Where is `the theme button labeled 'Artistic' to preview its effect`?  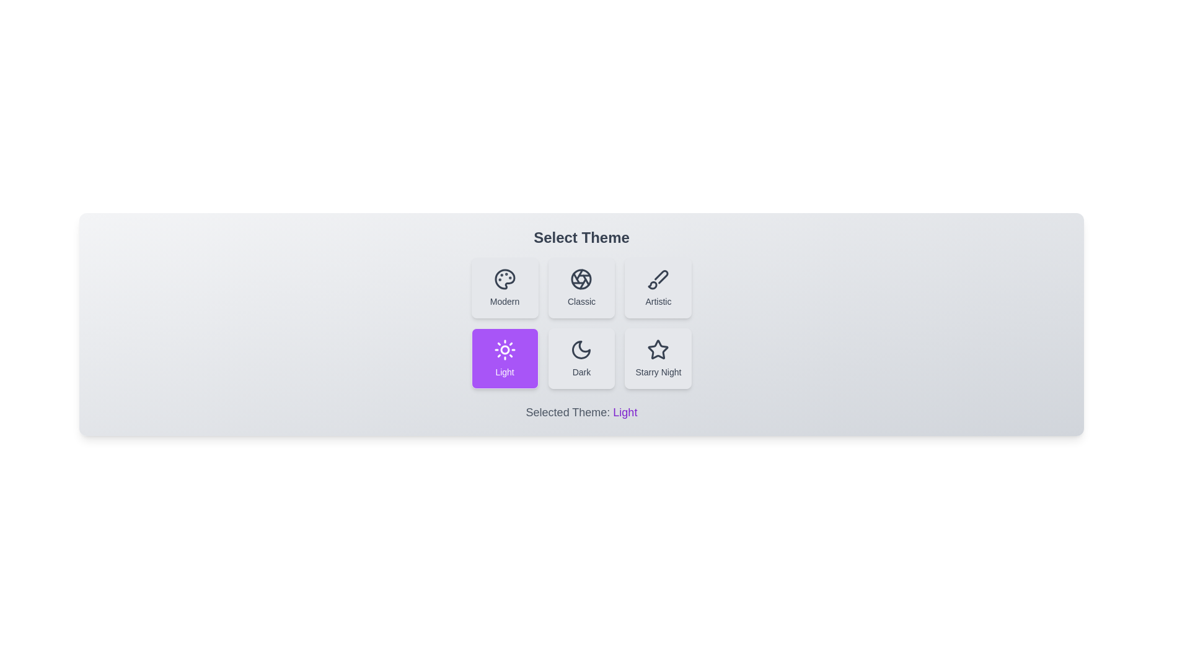
the theme button labeled 'Artistic' to preview its effect is located at coordinates (658, 288).